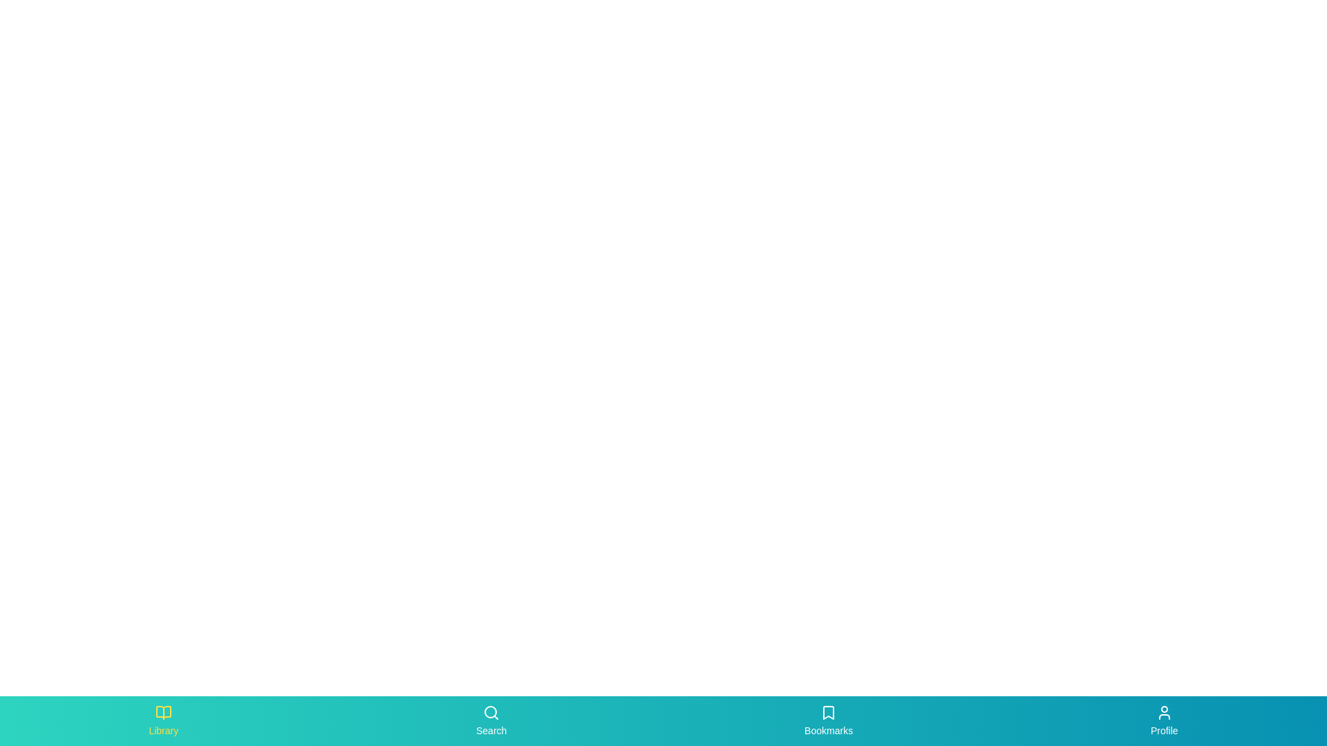 The height and width of the screenshot is (746, 1327). I want to click on the Profile tab to navigate to it, so click(1163, 720).